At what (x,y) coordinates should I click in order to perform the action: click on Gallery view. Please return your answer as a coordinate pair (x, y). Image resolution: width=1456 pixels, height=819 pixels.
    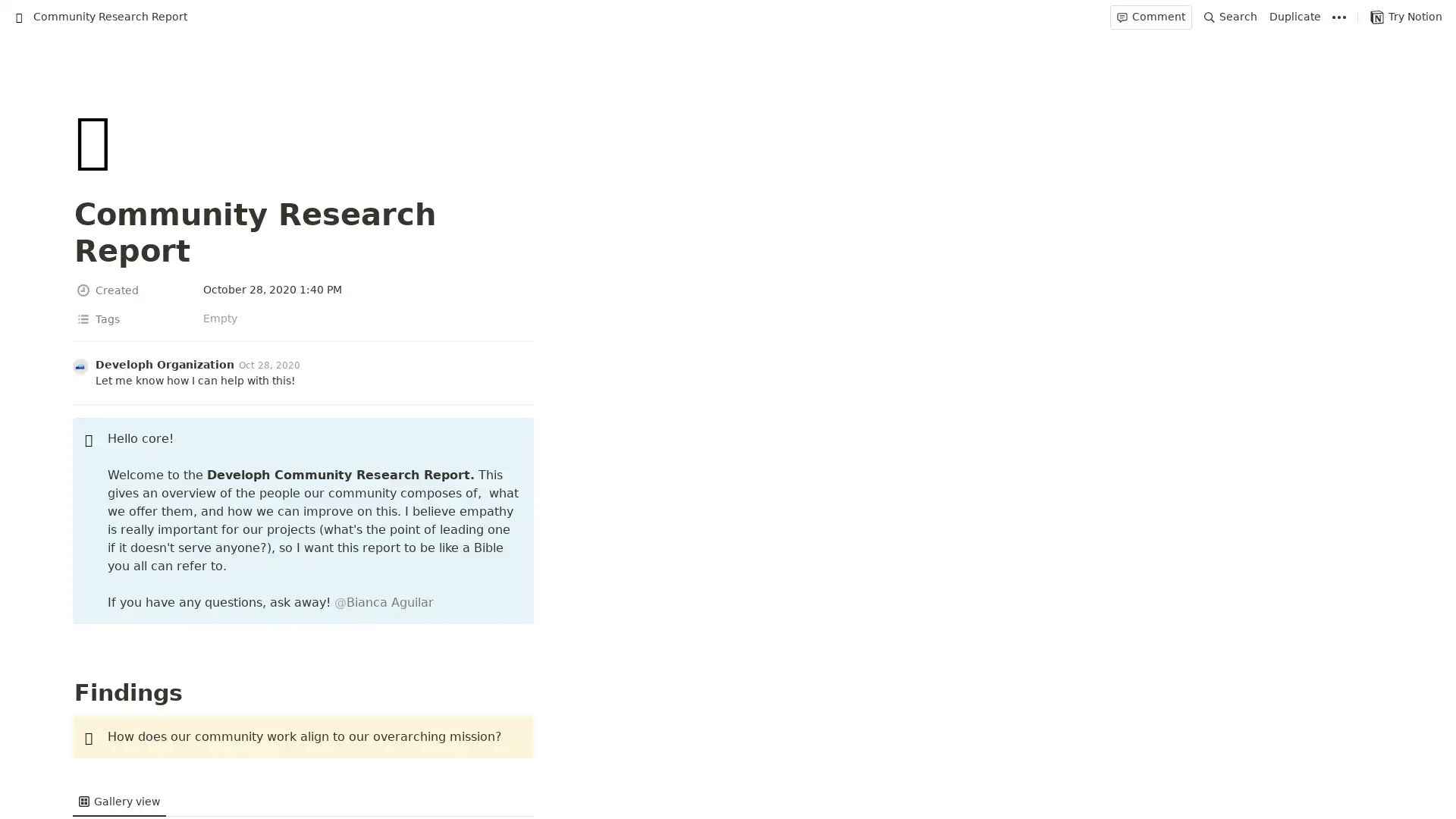
    Looking at the image, I should click on (118, 692).